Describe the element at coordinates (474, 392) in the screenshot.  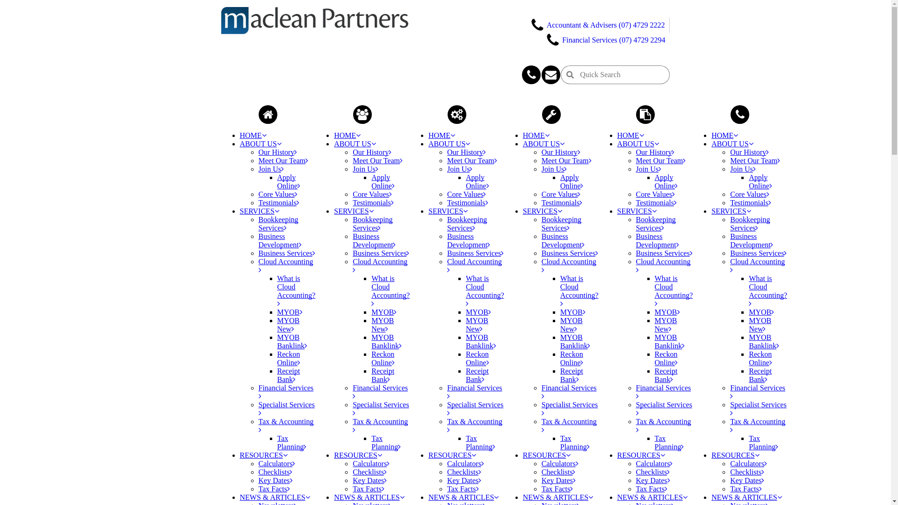
I see `'Financial Services'` at that location.